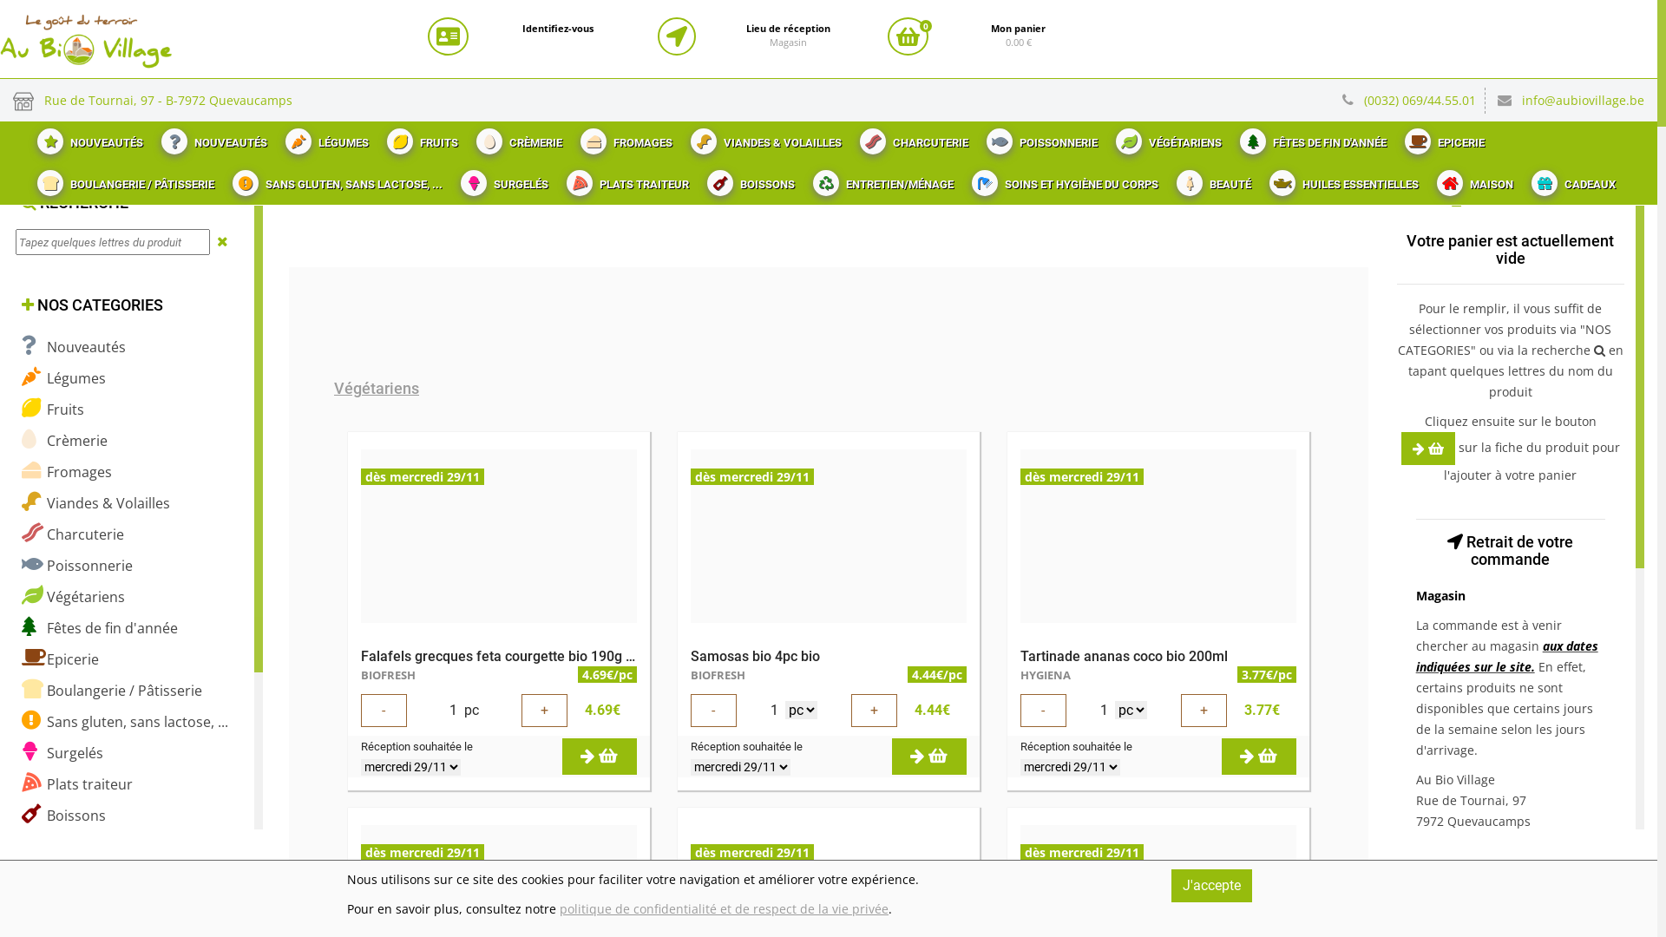 The height and width of the screenshot is (937, 1666). Describe the element at coordinates (420, 136) in the screenshot. I see `'FRUITS'` at that location.